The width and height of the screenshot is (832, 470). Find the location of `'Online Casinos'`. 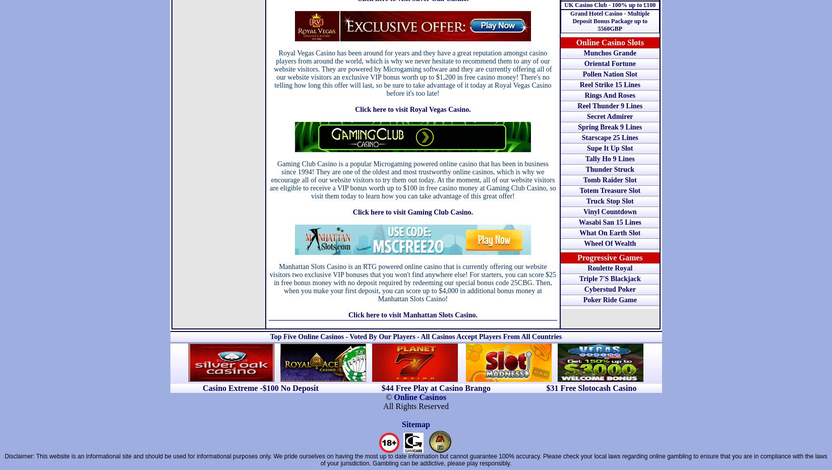

'Online Casinos' is located at coordinates (420, 397).